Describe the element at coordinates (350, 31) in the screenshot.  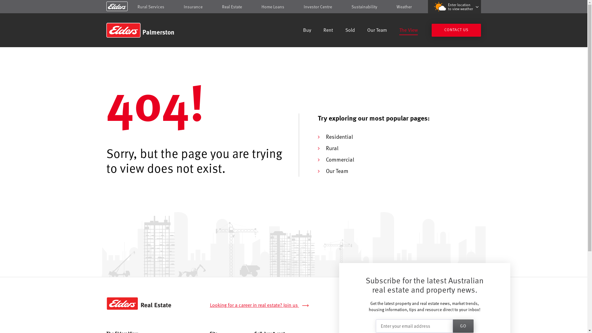
I see `'Sold'` at that location.